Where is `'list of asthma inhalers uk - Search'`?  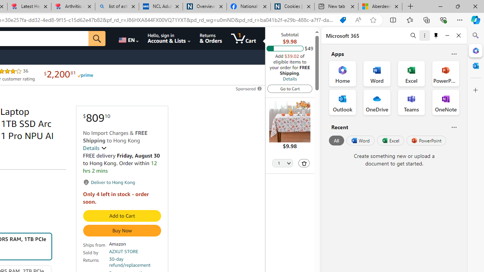
'list of asthma inhalers uk - Search' is located at coordinates (116, 6).